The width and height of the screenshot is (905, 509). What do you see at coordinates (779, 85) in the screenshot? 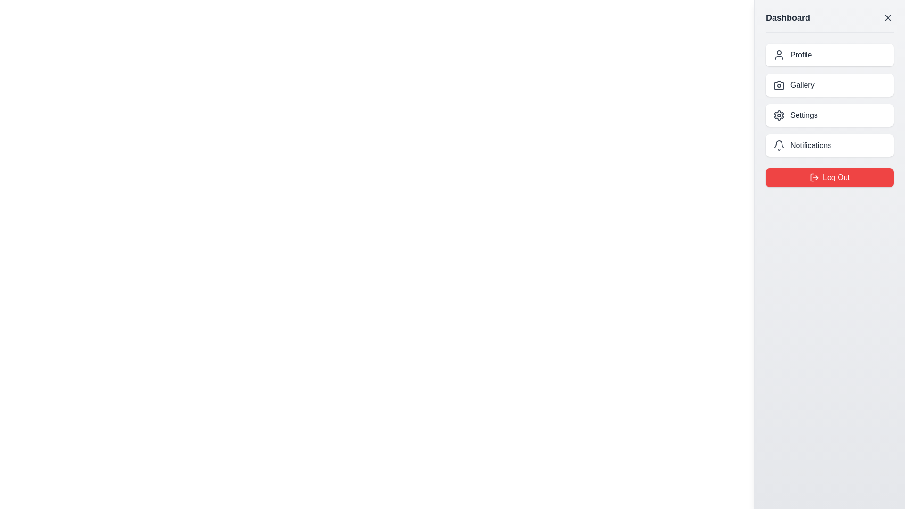
I see `the decorative graphical component of the 'Gallery' menu option located in the sidebar under 'Dashboard', which is positioned directly left of the text 'Gallery'` at bounding box center [779, 85].